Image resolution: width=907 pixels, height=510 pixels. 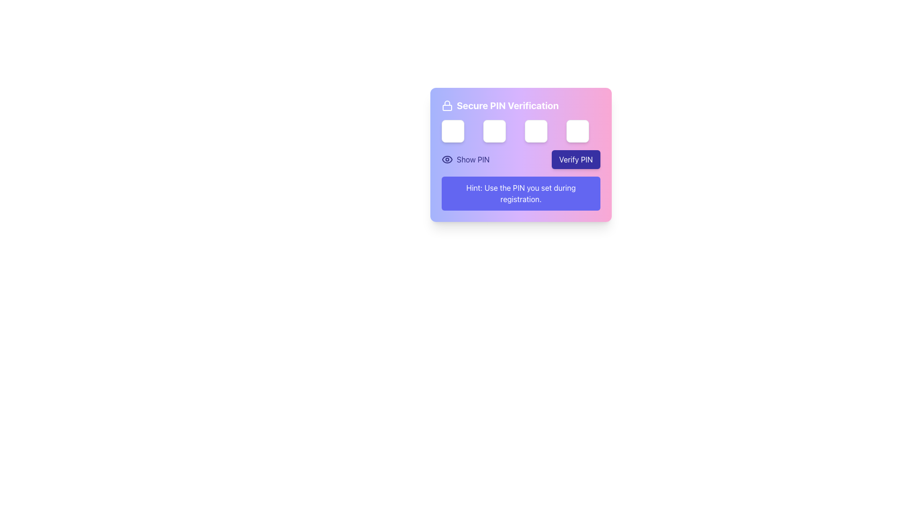 What do you see at coordinates (465, 159) in the screenshot?
I see `the PIN reveal button located at the lower left corner of the secure PIN verification UI` at bounding box center [465, 159].